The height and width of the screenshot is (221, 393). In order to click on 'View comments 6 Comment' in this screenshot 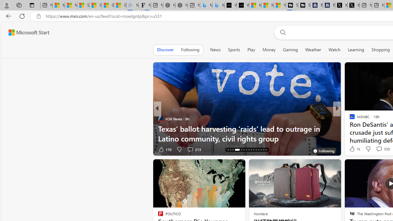, I will do `click(379, 149)`.